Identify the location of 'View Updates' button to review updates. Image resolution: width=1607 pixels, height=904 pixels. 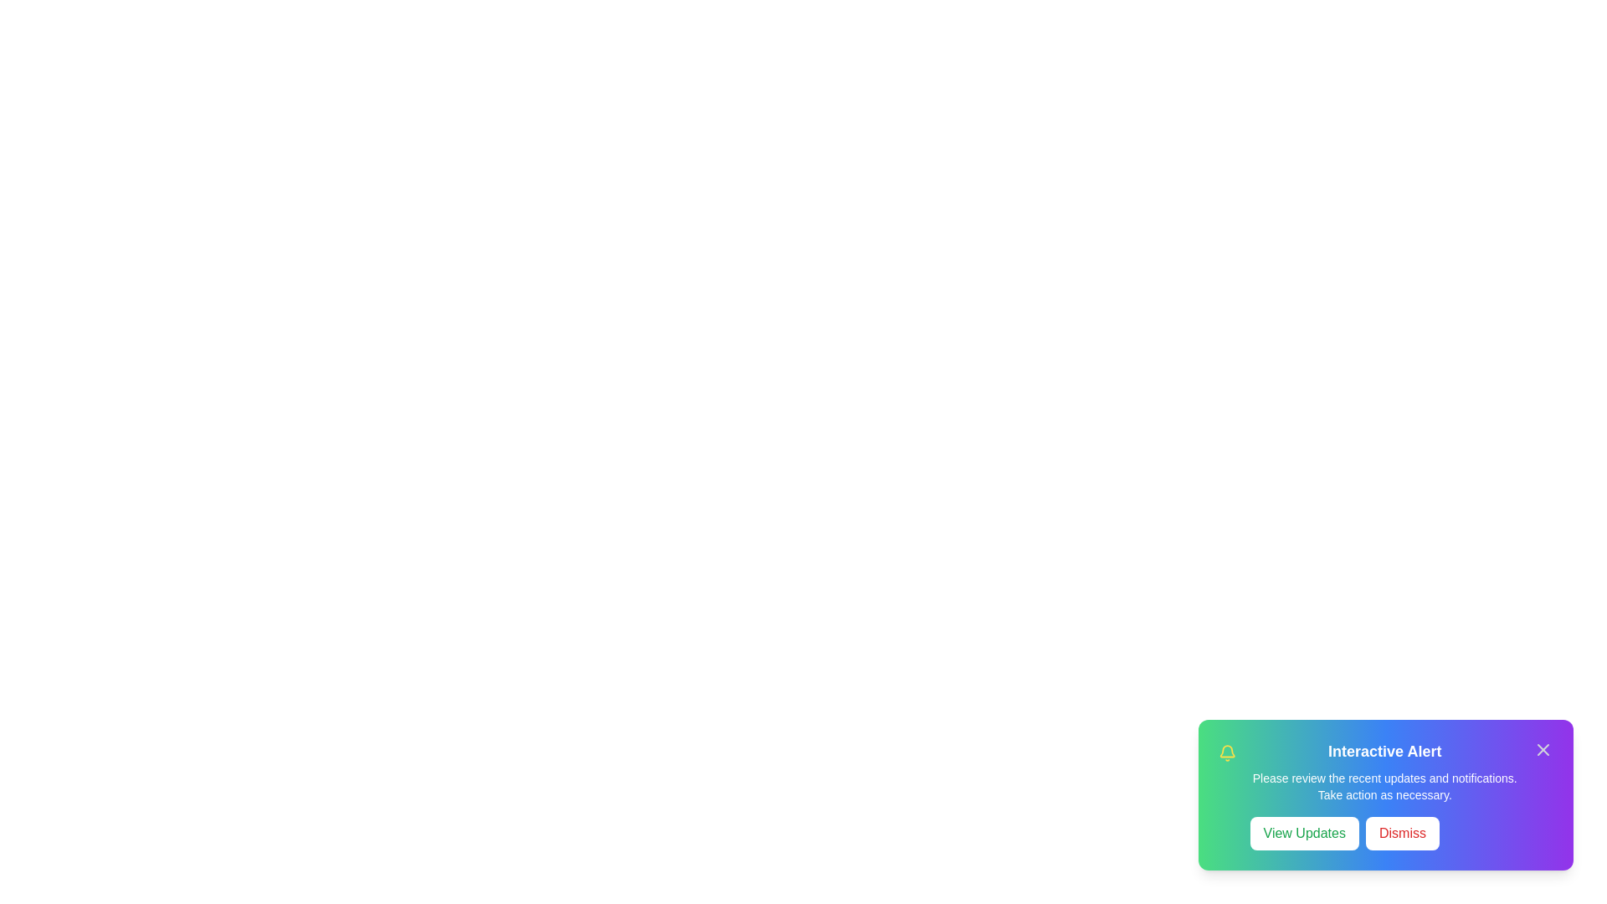
(1303, 833).